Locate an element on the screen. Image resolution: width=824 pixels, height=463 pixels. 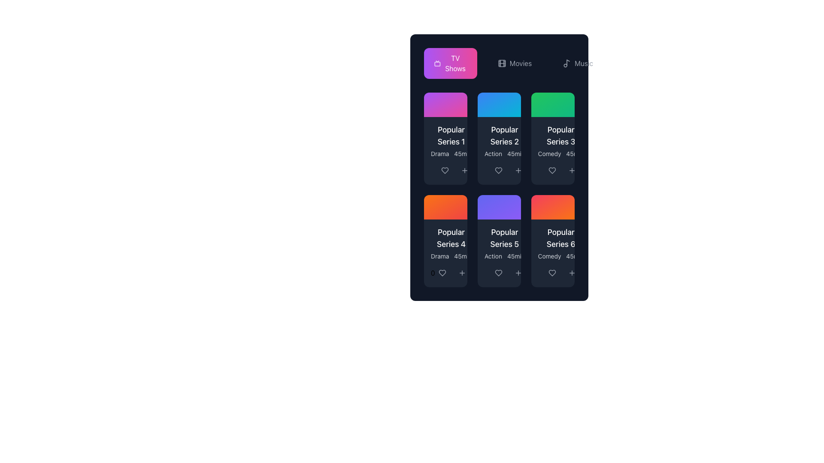
the text label displaying '45min', which is the second text label in the metadata panel of the 'Popular Series 4' card, positioned towards the bottom of the card is located at coordinates (462, 256).